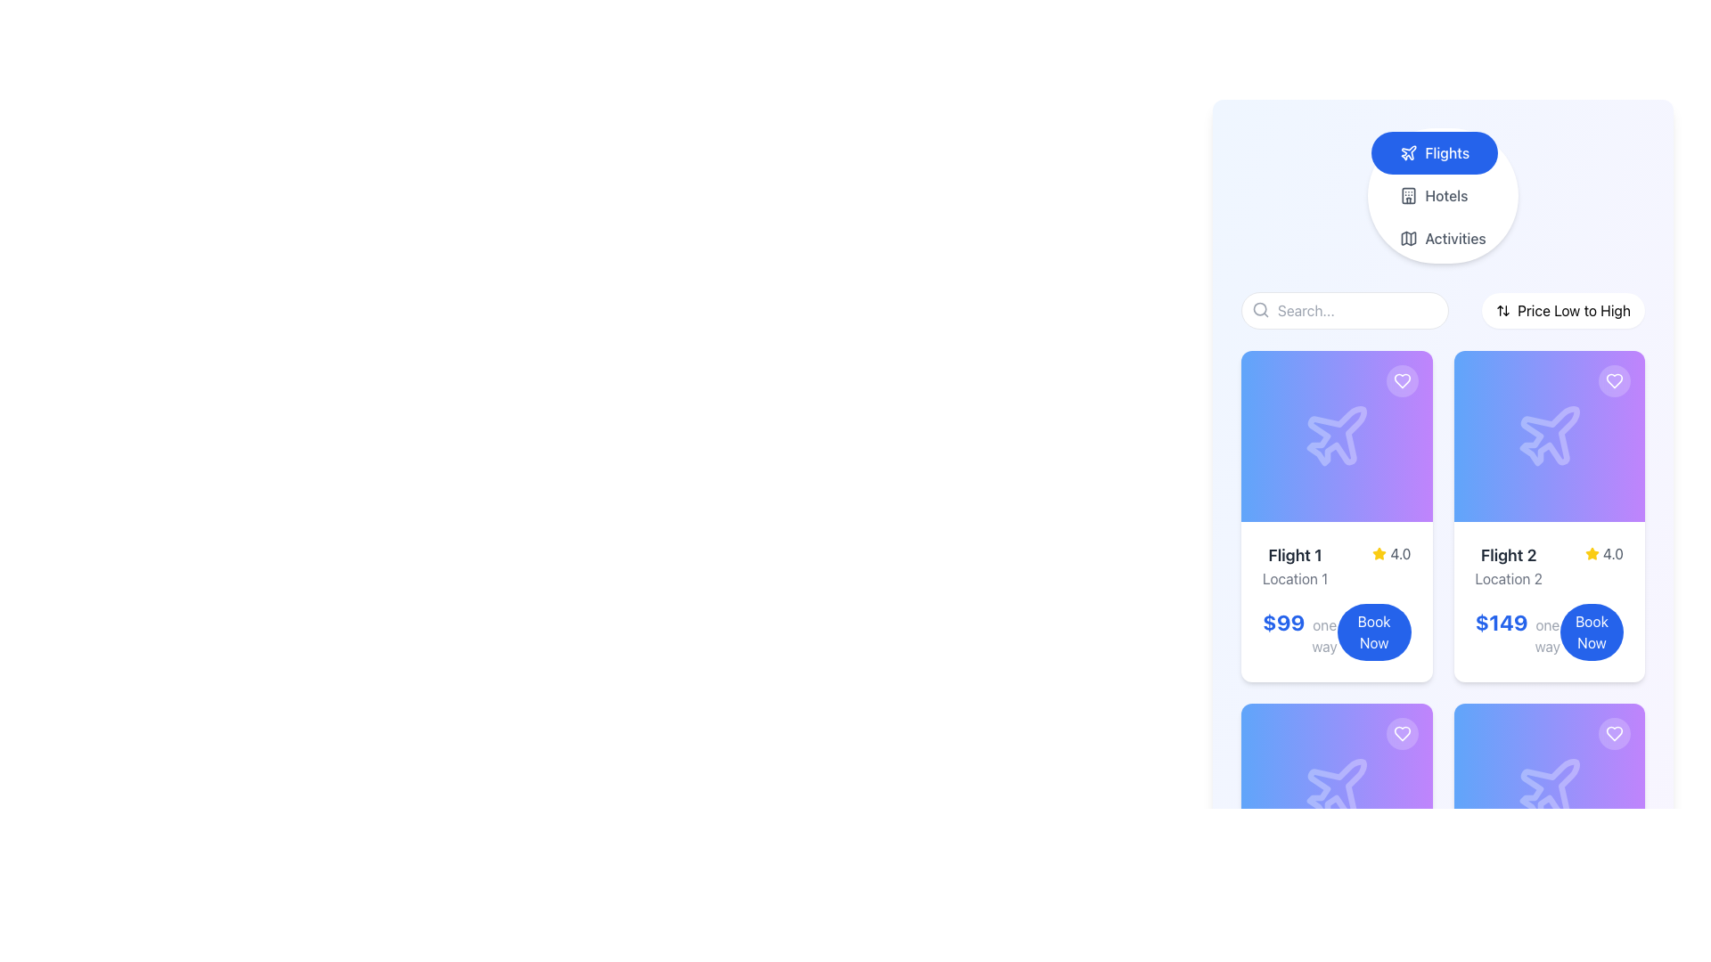 This screenshot has width=1711, height=962. I want to click on the 'Book Now' button in the interactive composite element for Flight 1, so click(1337, 631).